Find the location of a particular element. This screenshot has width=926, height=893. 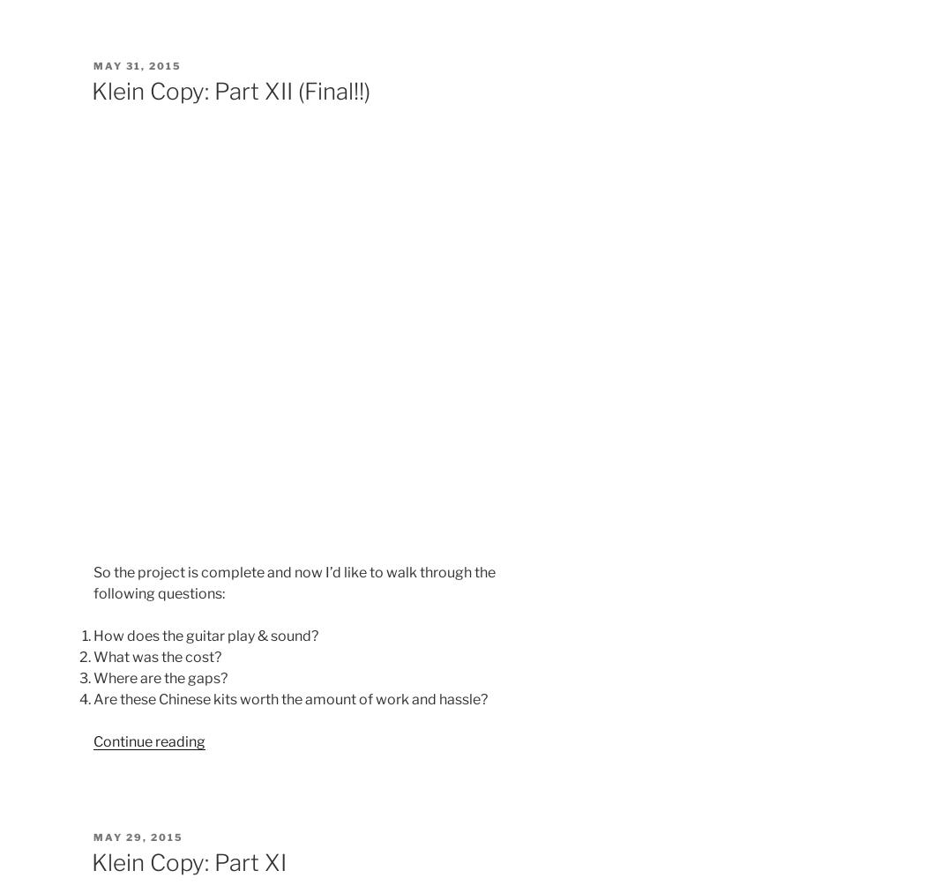

'Continue reading' is located at coordinates (148, 740).